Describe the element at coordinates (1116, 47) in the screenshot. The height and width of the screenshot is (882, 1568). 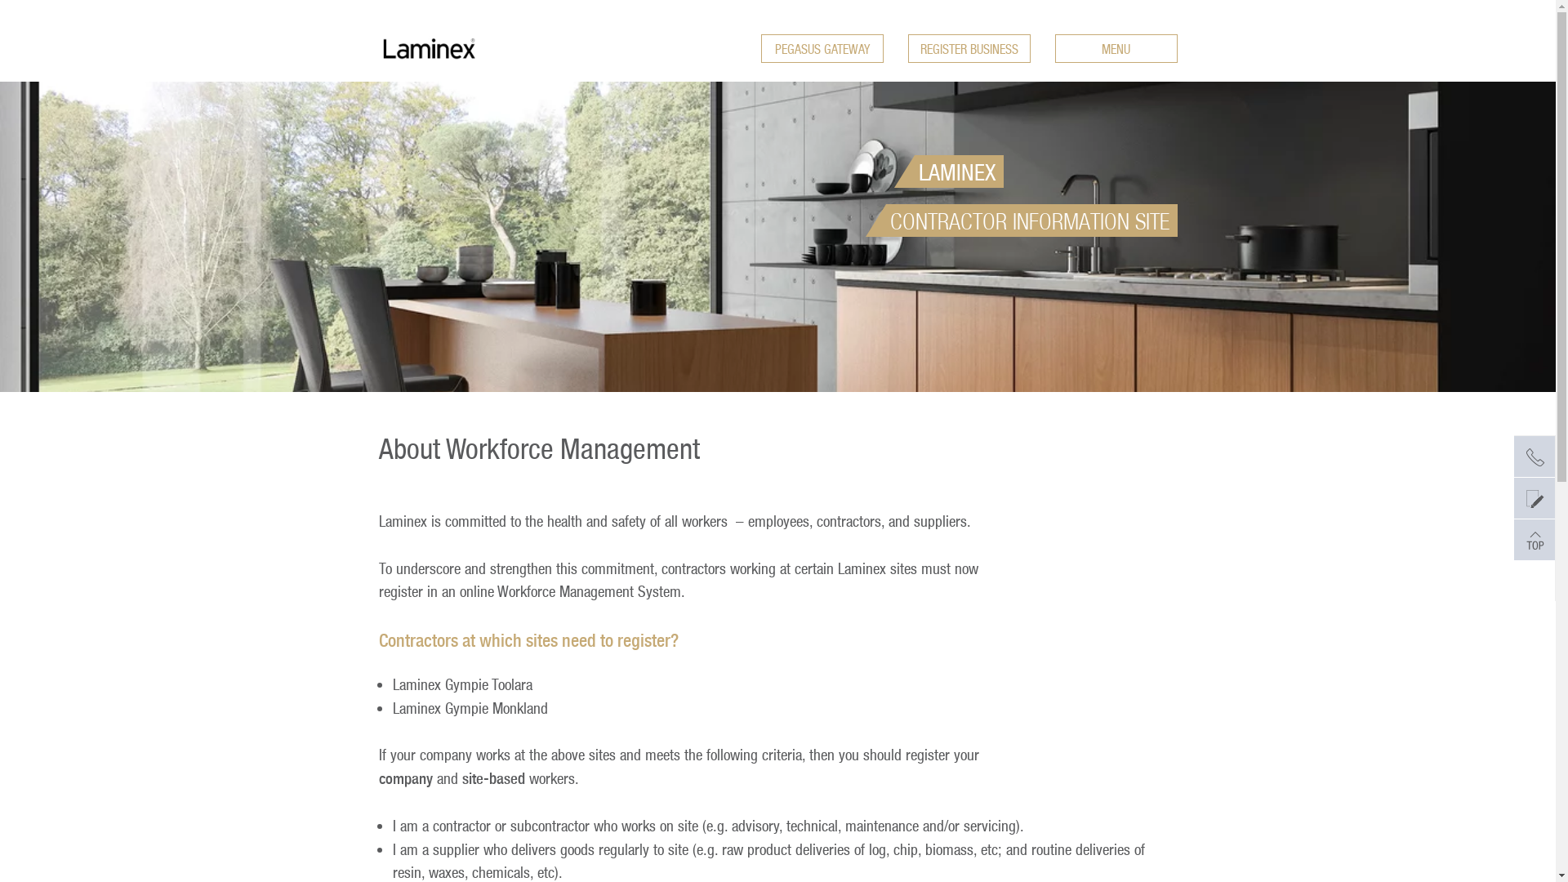
I see `'MENU'` at that location.